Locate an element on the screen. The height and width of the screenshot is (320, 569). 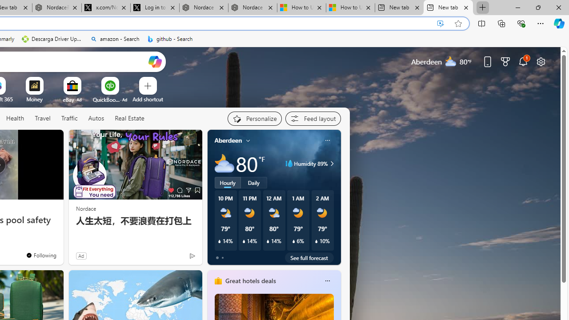
'Page settings' is located at coordinates (540, 61).